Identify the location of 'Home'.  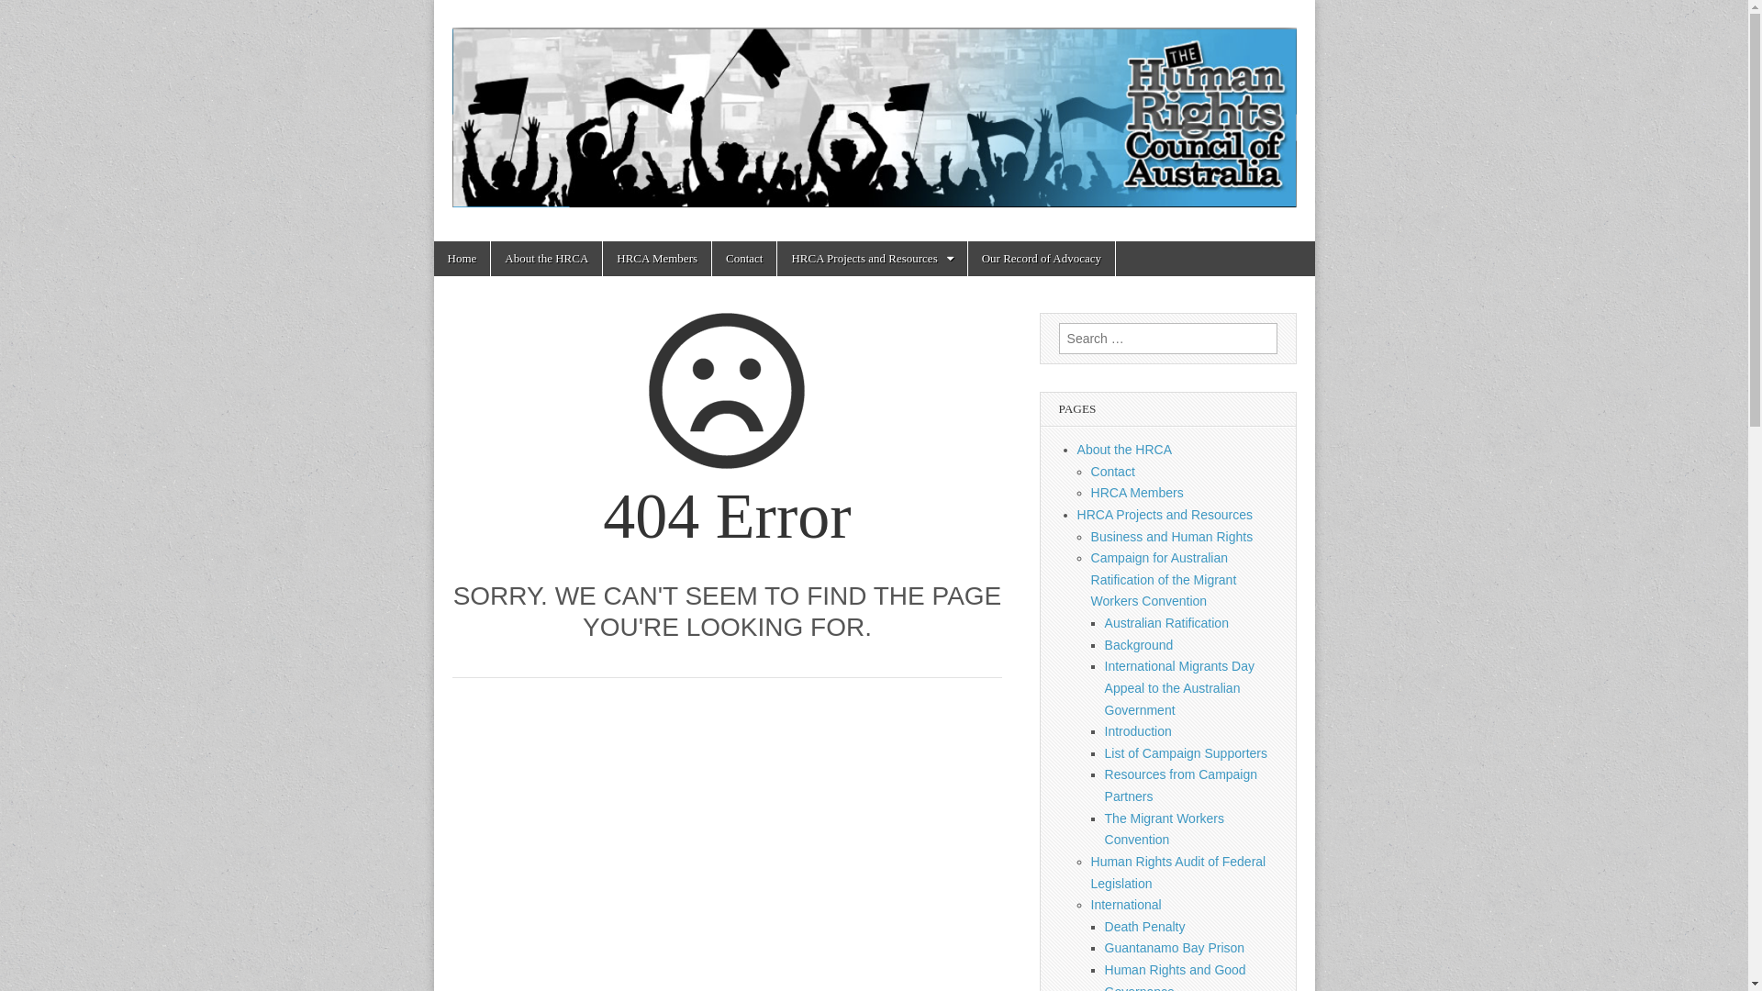
(462, 258).